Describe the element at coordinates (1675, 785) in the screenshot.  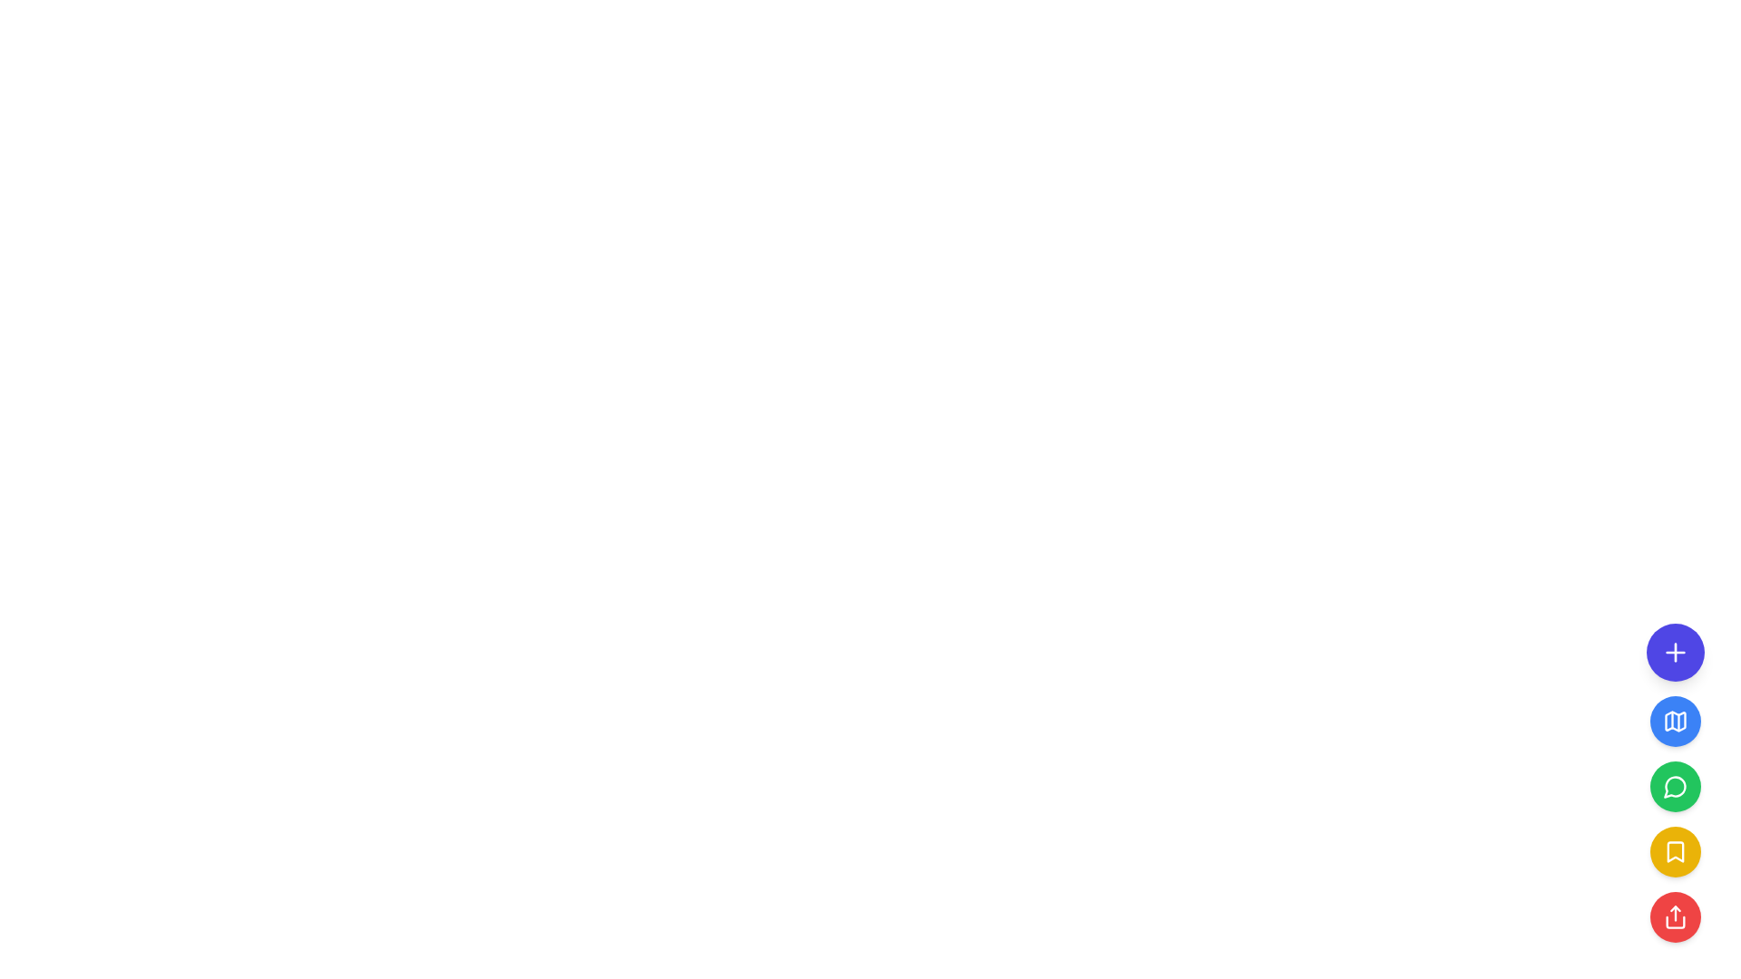
I see `the third circular button with a green background and a message bubble icon located on the right side of the interface` at that location.